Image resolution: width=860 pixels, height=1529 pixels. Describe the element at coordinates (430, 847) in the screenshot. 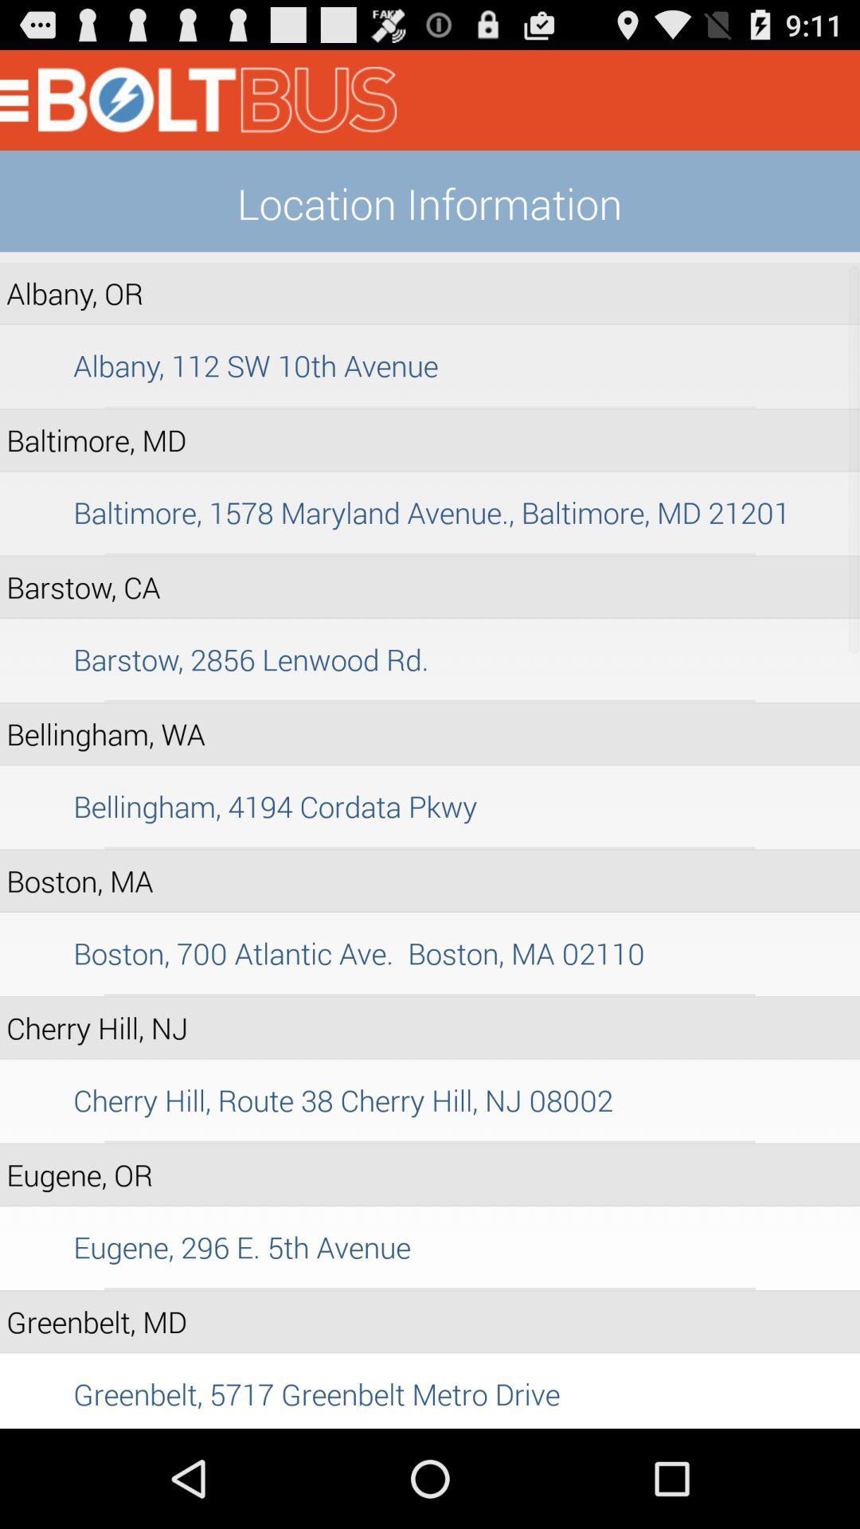

I see `the icon below bellingham 4194 cordata item` at that location.